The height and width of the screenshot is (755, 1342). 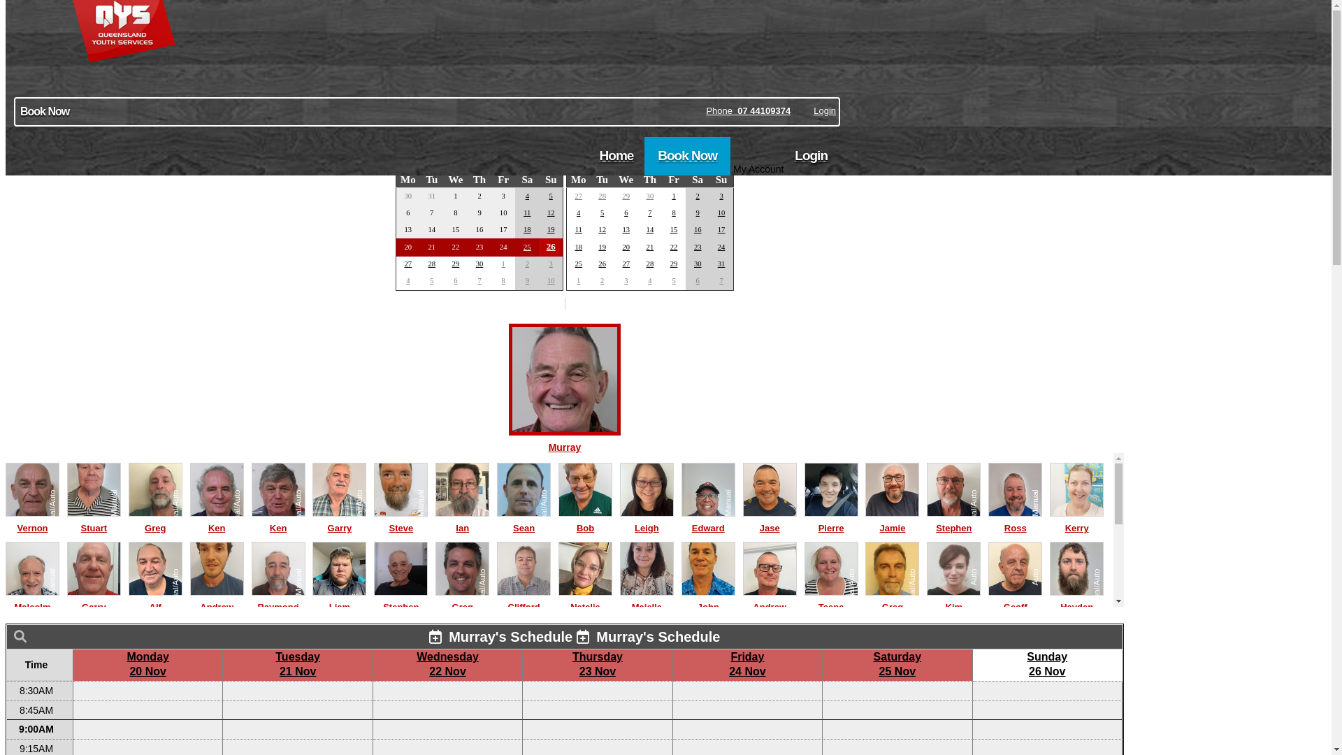 I want to click on '31', so click(x=721, y=264).